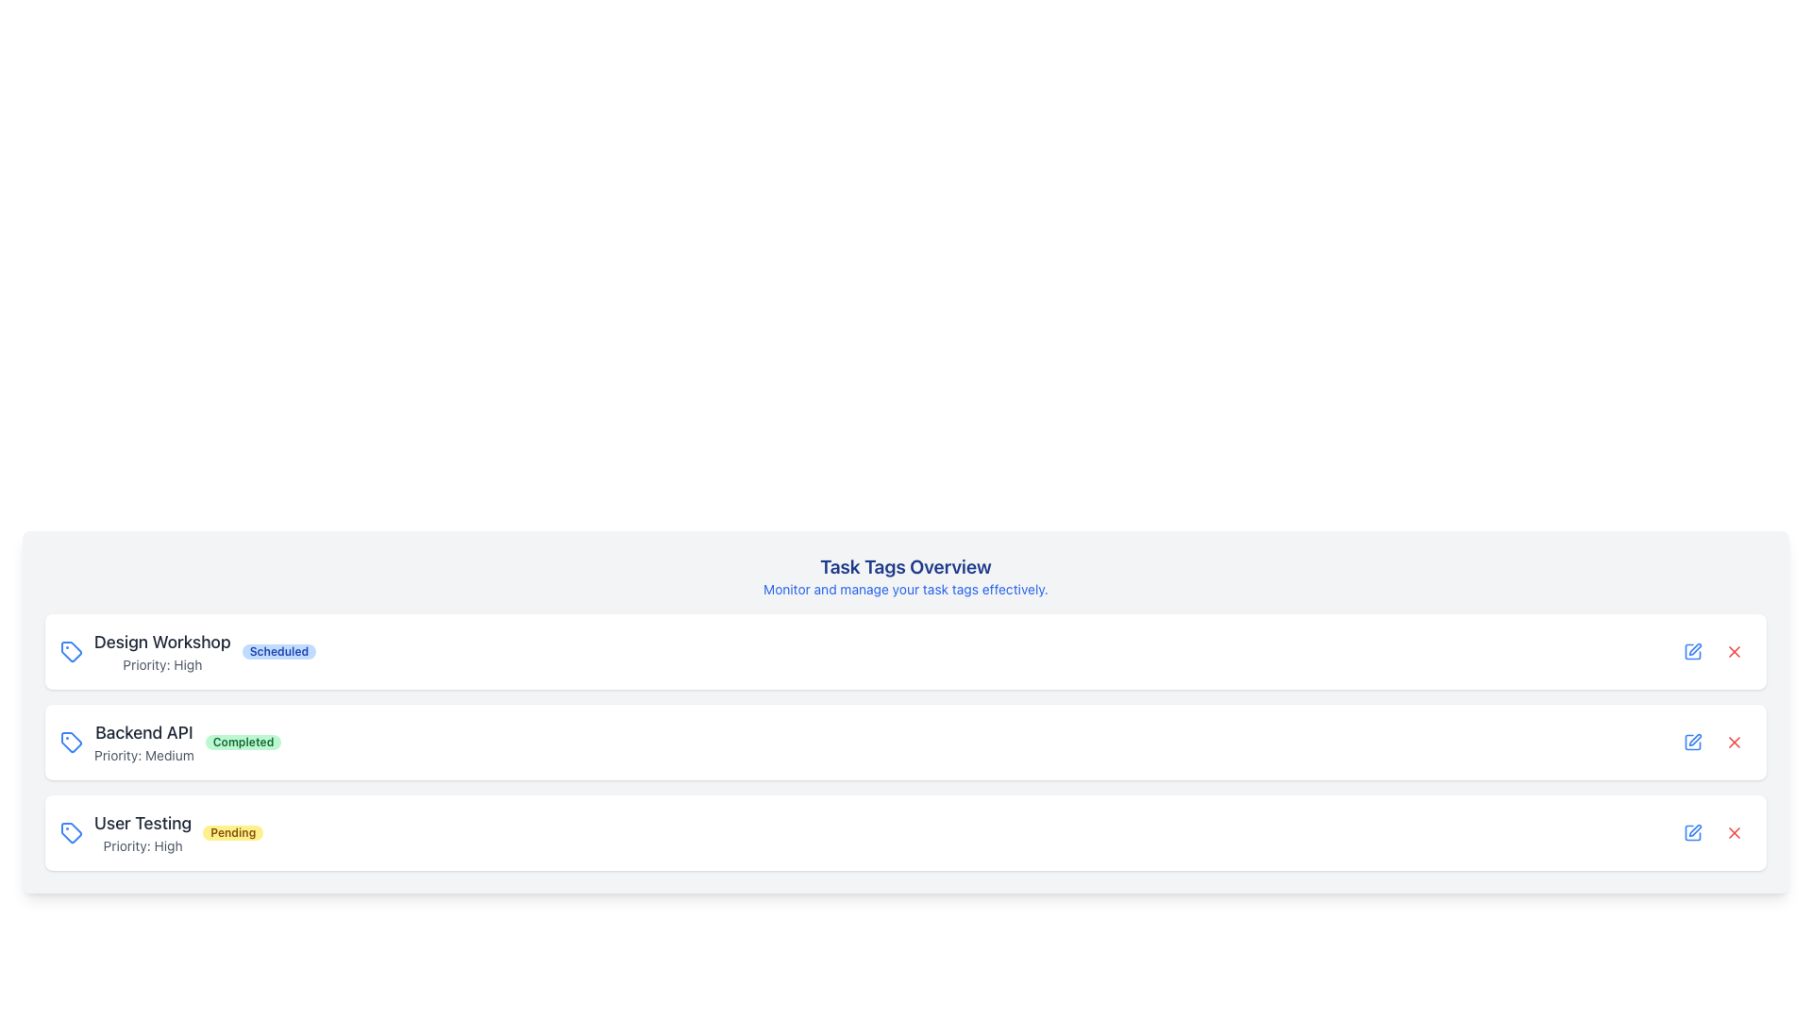 Image resolution: width=1812 pixels, height=1019 pixels. I want to click on the edit button located in the last row of the task list, positioned to the left of the red 'close' icon, to initiate editing, so click(1693, 741).